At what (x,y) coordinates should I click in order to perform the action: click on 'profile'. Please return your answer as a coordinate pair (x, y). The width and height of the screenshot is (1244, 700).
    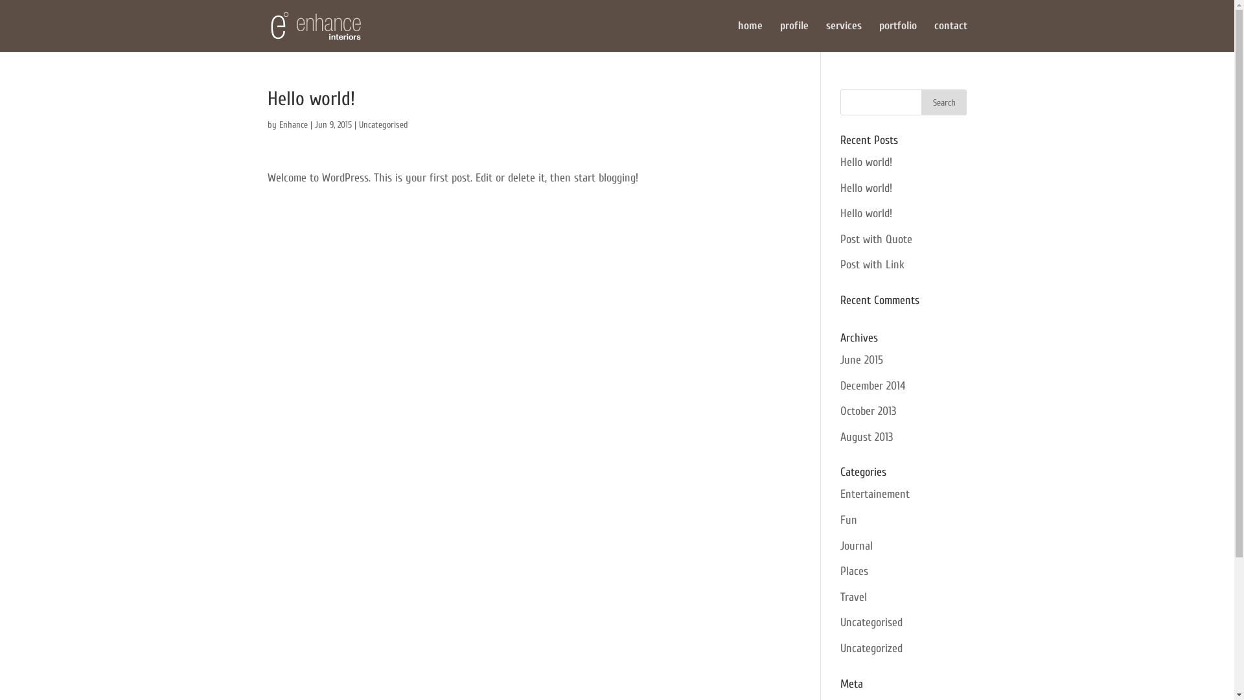
    Looking at the image, I should click on (779, 36).